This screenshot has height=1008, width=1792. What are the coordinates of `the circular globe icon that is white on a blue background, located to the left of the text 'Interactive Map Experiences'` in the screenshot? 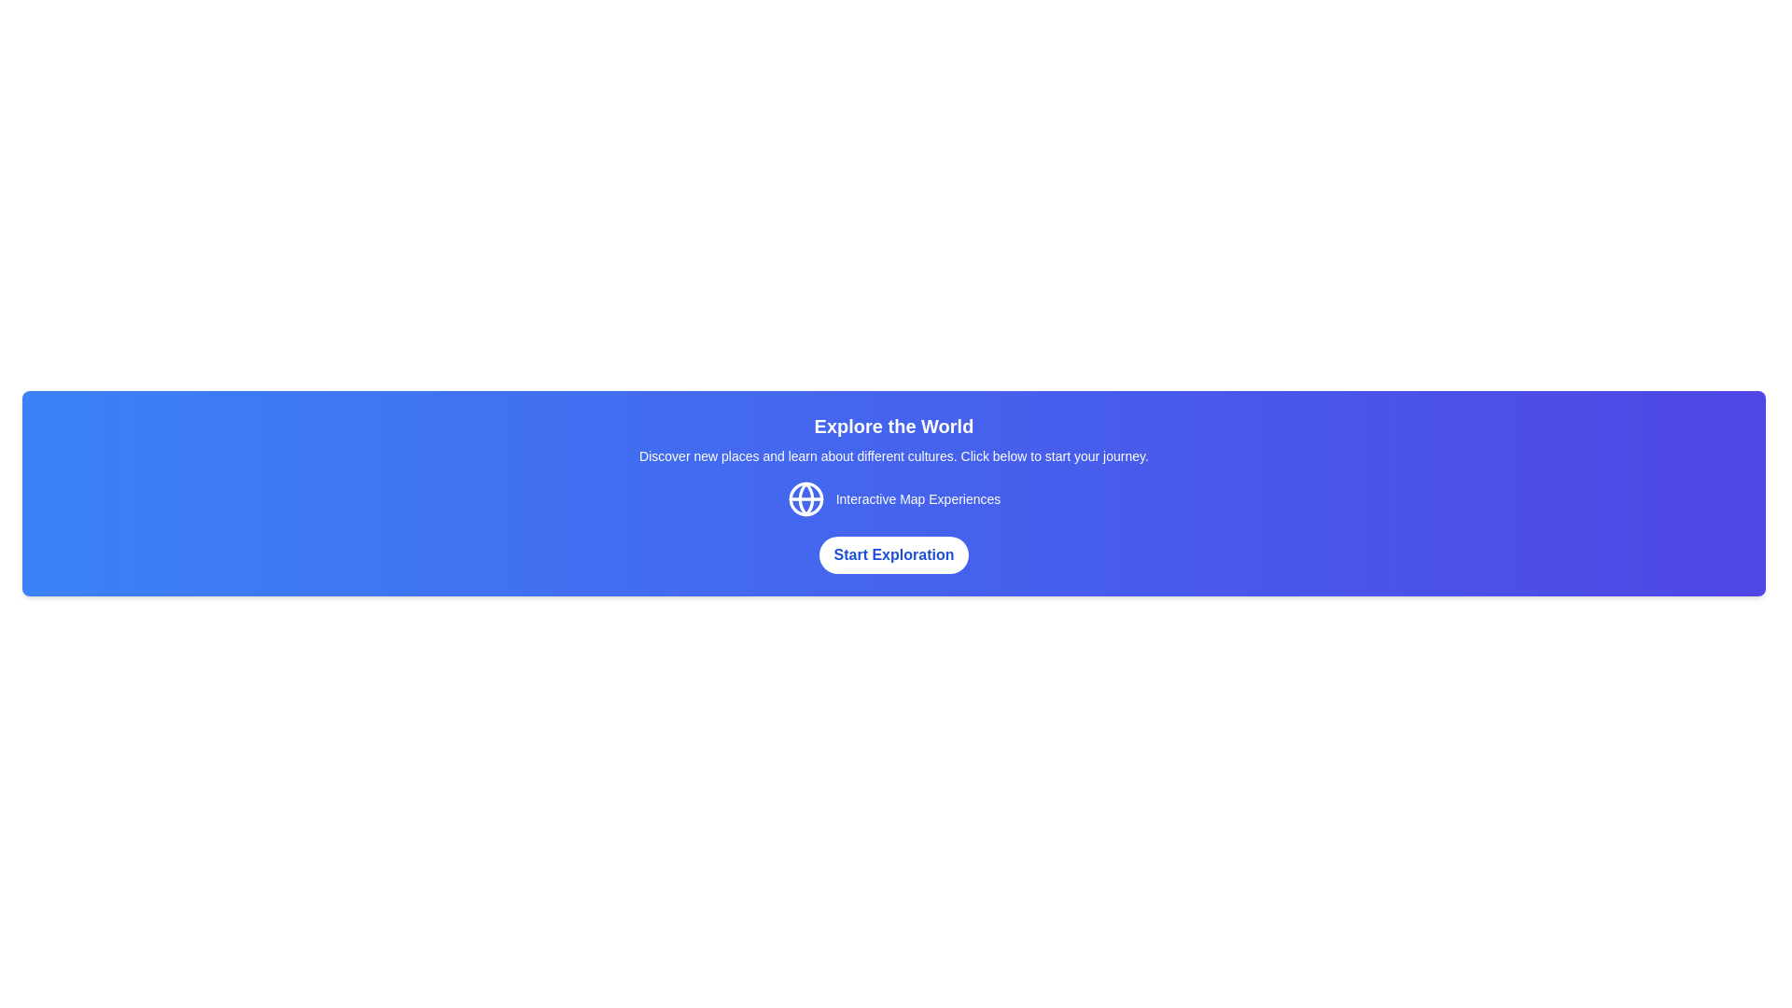 It's located at (805, 498).